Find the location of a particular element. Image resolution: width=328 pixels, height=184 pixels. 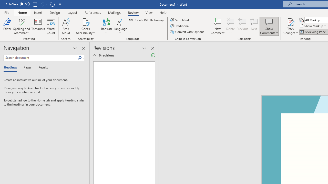

'New Comment' is located at coordinates (218, 26).